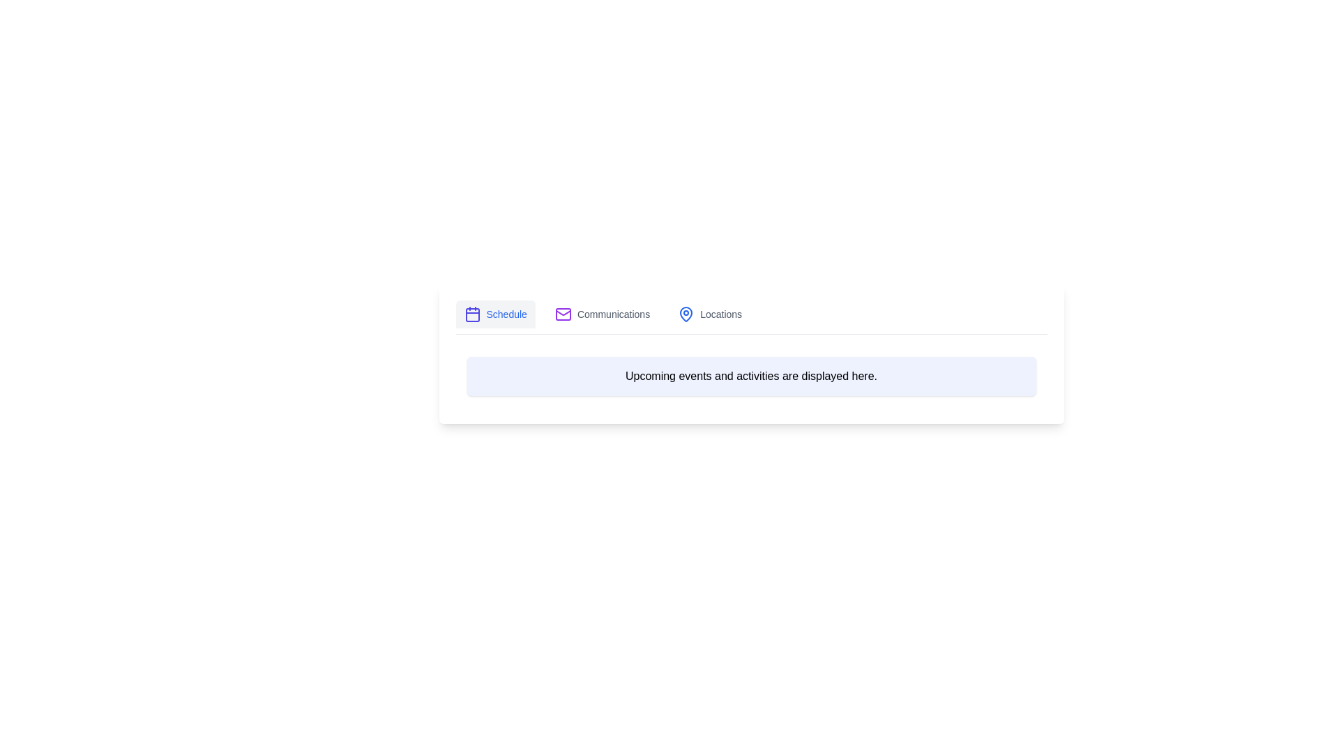 This screenshot has height=753, width=1339. What do you see at coordinates (710, 314) in the screenshot?
I see `the 'Locations' tab to view its content` at bounding box center [710, 314].